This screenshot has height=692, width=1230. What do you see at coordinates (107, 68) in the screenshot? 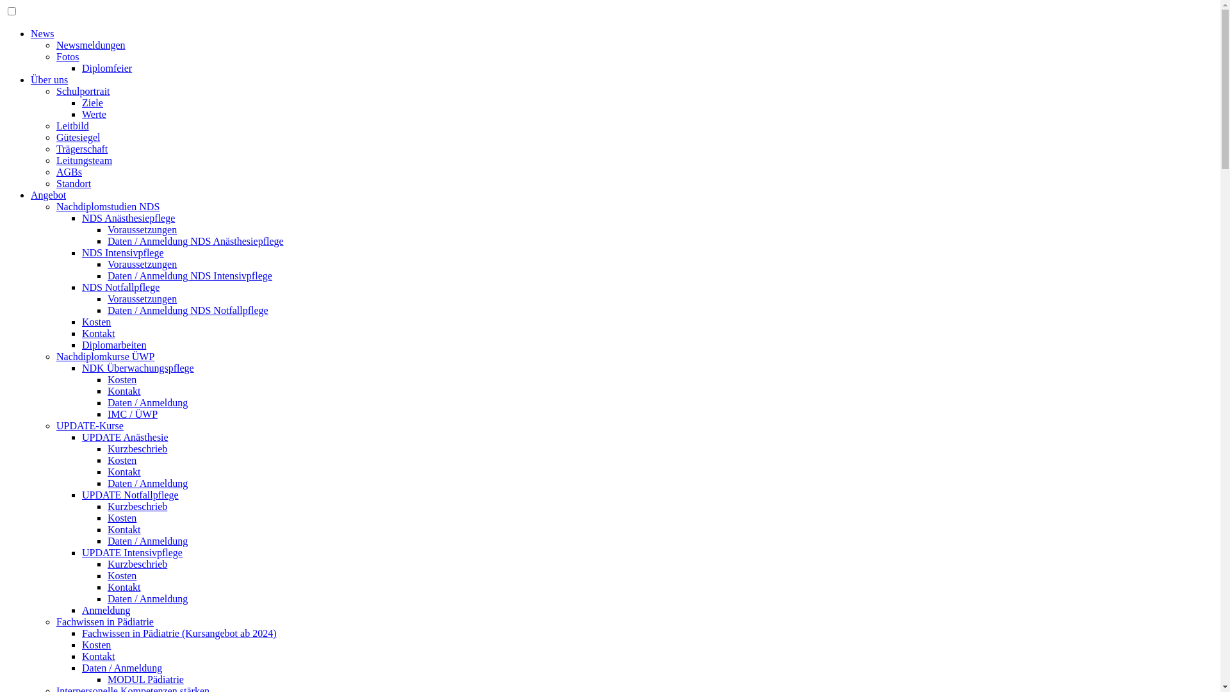
I see `'Diplomfeier'` at bounding box center [107, 68].